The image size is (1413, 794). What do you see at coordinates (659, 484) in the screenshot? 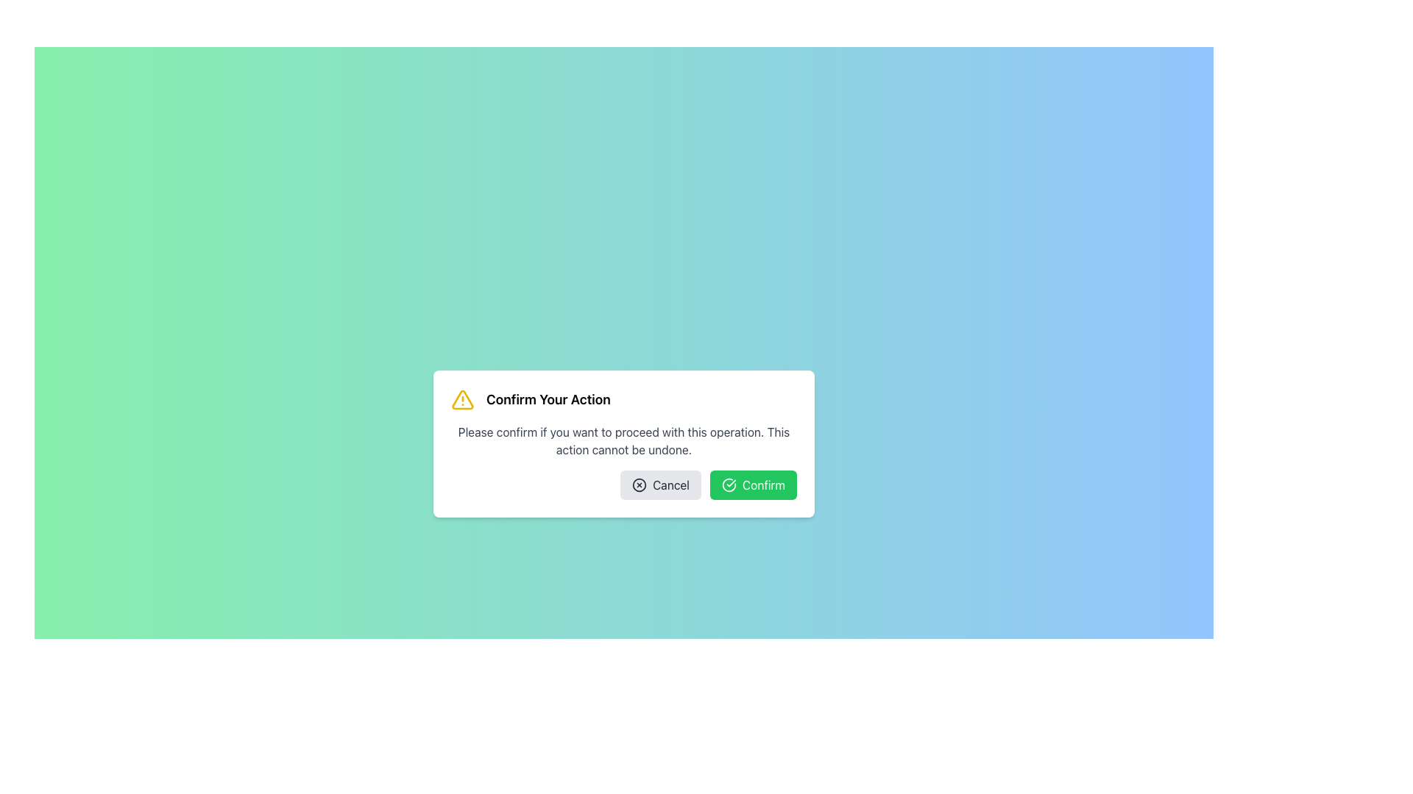
I see `the 'Cancel' button located in the bottom right area of the modal dialog box to abort the current operation without making changes` at bounding box center [659, 484].